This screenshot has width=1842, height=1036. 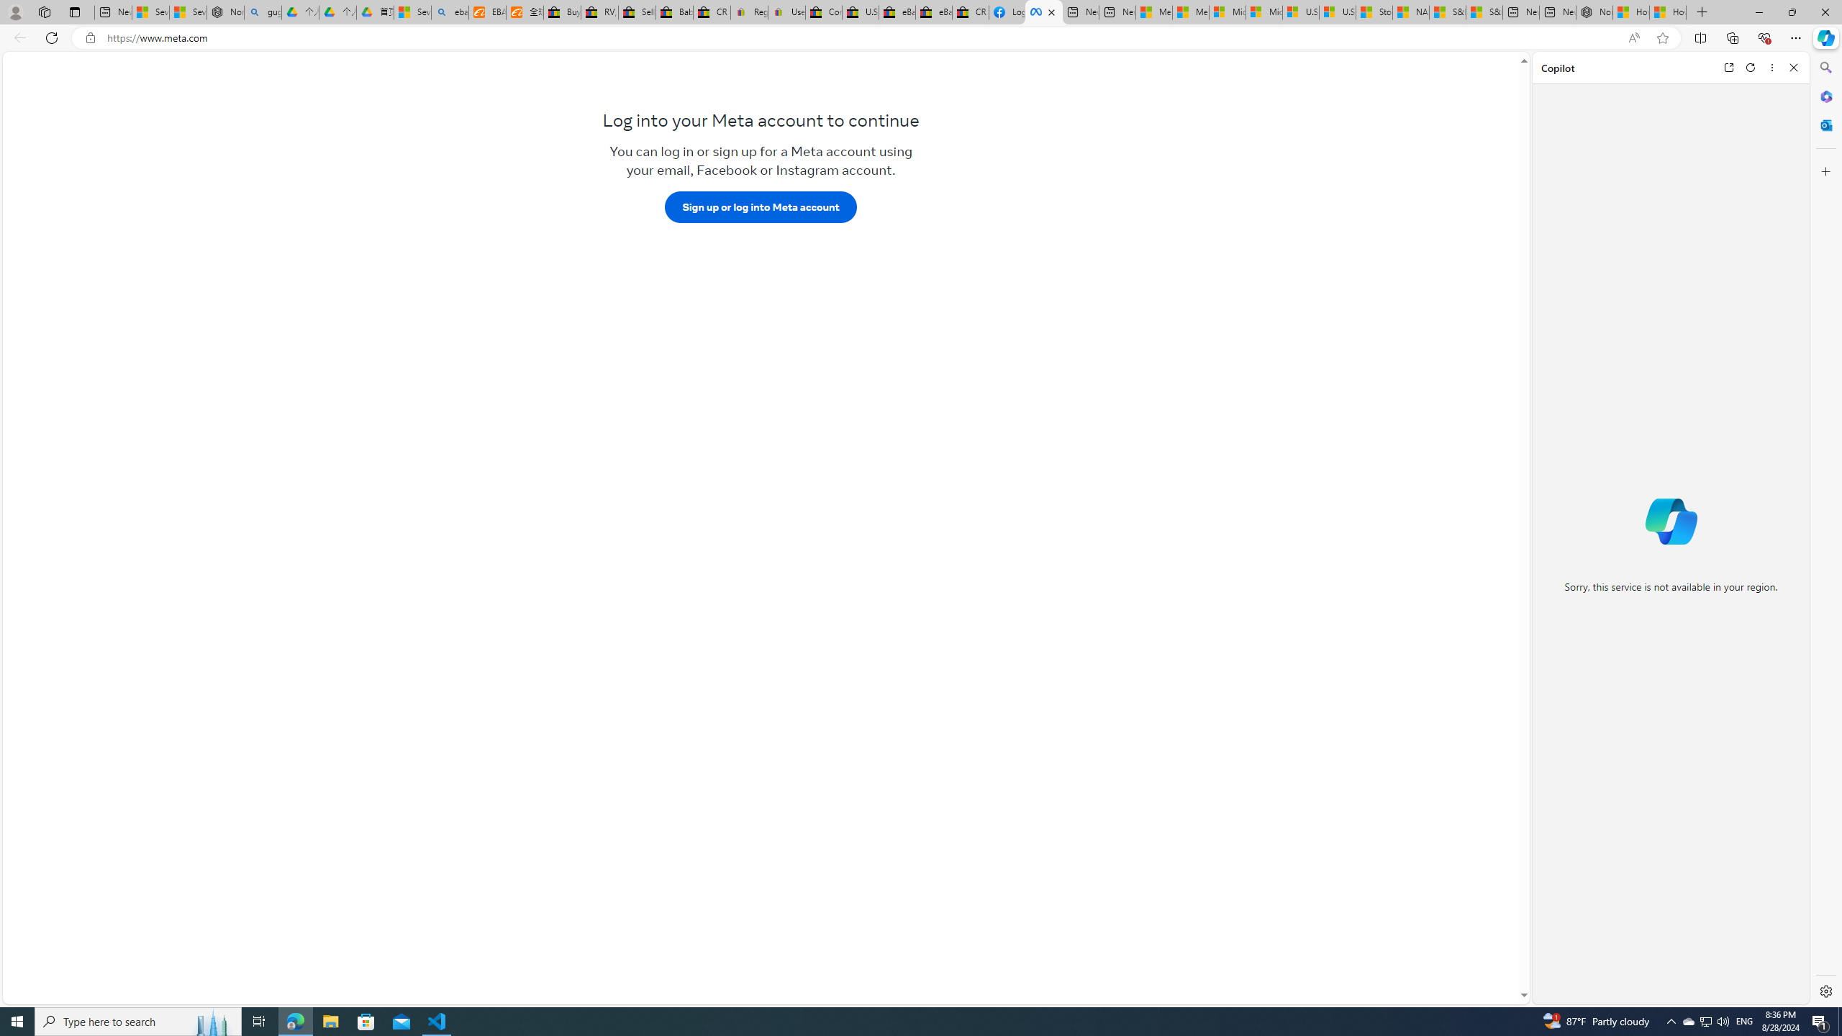 What do you see at coordinates (1824, 124) in the screenshot?
I see `'Outlook'` at bounding box center [1824, 124].